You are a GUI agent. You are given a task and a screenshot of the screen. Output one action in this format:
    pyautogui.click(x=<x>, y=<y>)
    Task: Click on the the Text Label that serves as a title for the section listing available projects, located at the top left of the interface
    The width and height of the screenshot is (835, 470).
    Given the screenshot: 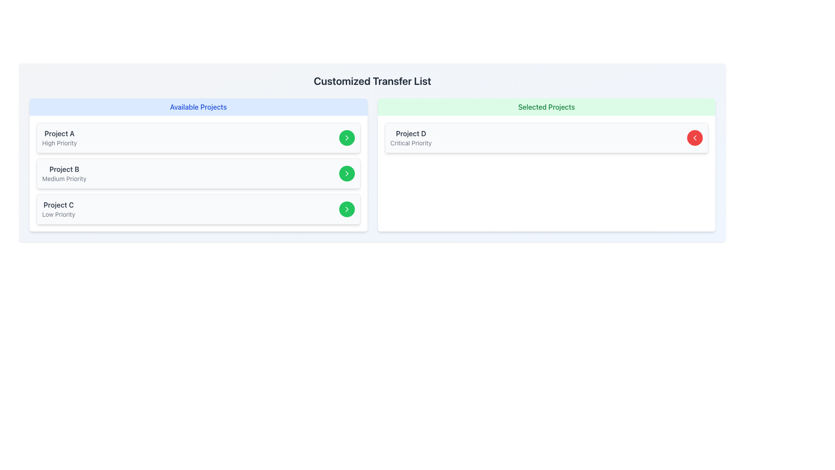 What is the action you would take?
    pyautogui.click(x=198, y=107)
    